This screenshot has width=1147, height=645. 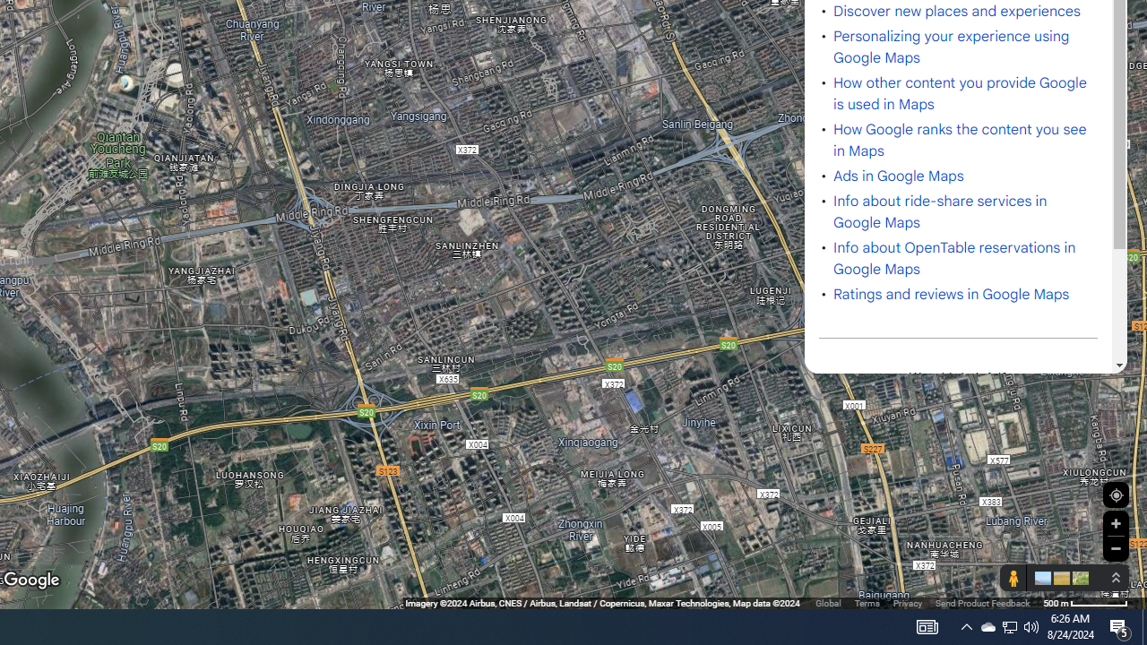 I want to click on 'Show Street View coverage', so click(x=1013, y=578).